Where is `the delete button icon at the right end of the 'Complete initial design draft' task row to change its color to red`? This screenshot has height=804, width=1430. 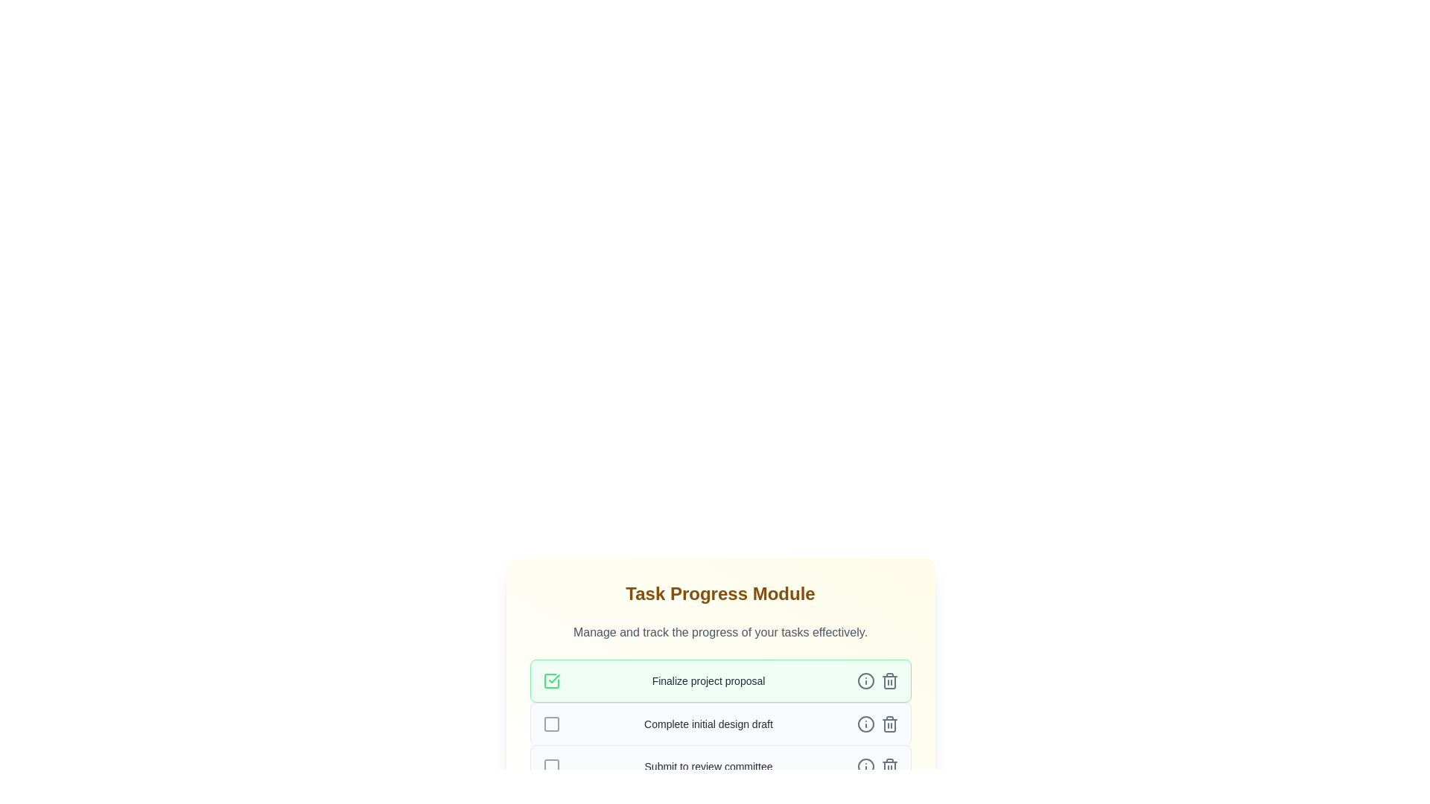
the delete button icon at the right end of the 'Complete initial design draft' task row to change its color to red is located at coordinates (889, 723).